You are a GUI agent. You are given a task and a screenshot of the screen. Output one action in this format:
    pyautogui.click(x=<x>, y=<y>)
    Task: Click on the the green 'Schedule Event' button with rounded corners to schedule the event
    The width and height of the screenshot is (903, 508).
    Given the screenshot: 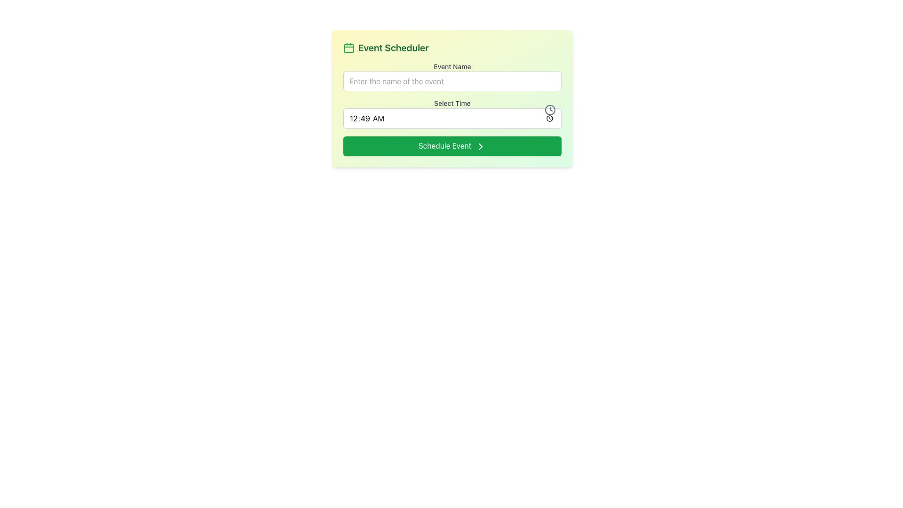 What is the action you would take?
    pyautogui.click(x=452, y=145)
    